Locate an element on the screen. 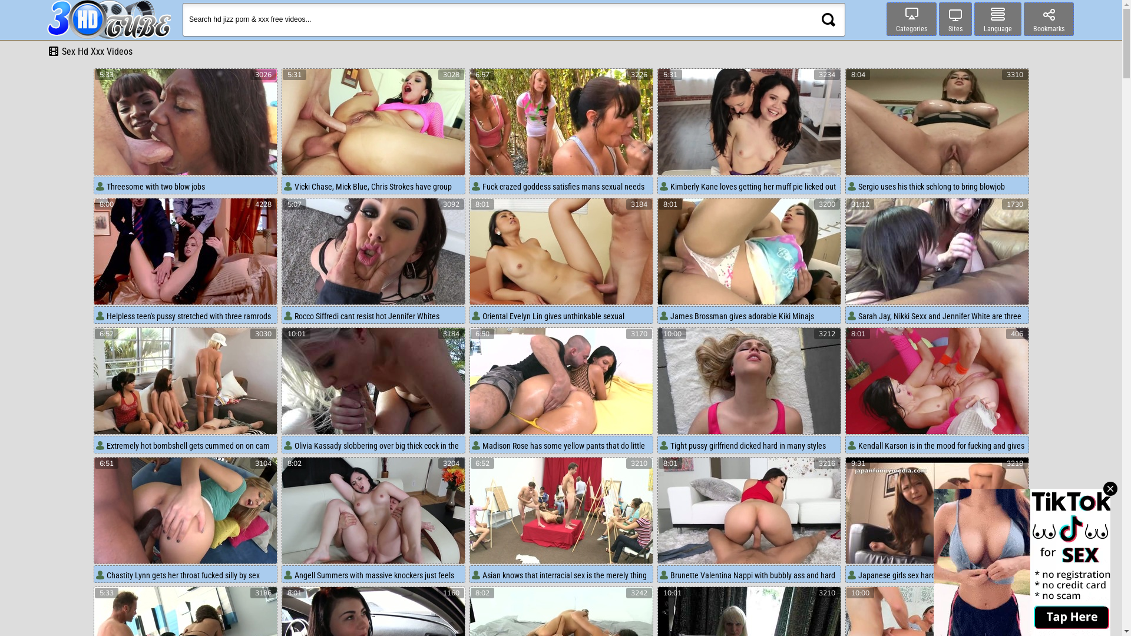 The image size is (1131, 636). 'Bookmarks' is located at coordinates (1049, 19).